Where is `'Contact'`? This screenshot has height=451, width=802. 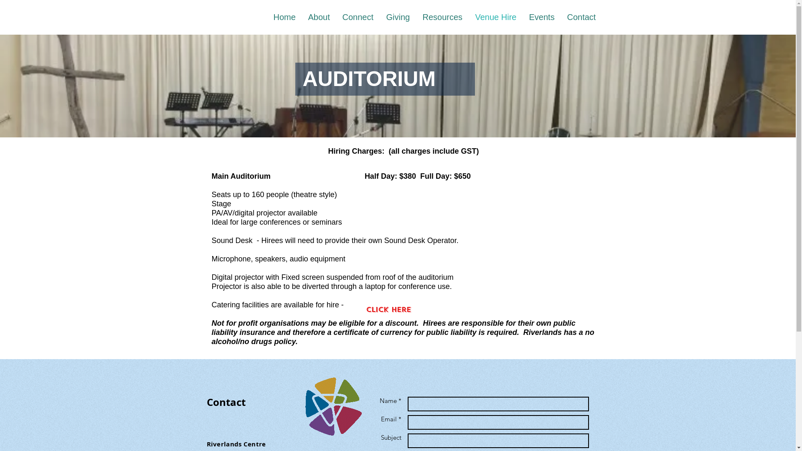
'Contact' is located at coordinates (581, 17).